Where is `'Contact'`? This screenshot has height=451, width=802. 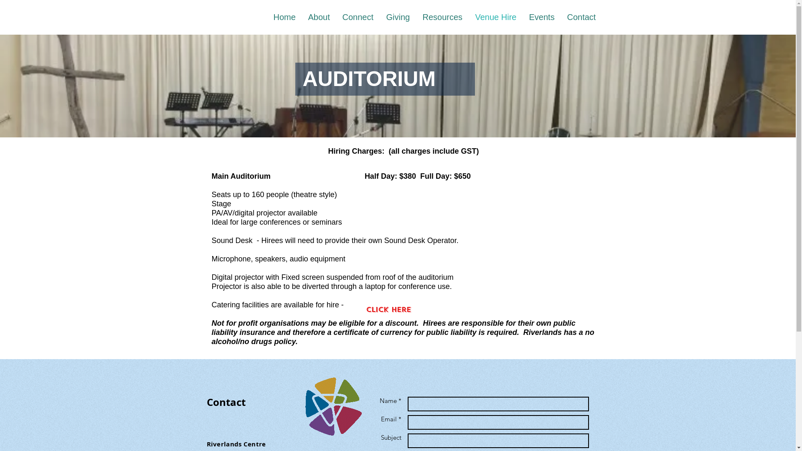
'Contact' is located at coordinates (581, 17).